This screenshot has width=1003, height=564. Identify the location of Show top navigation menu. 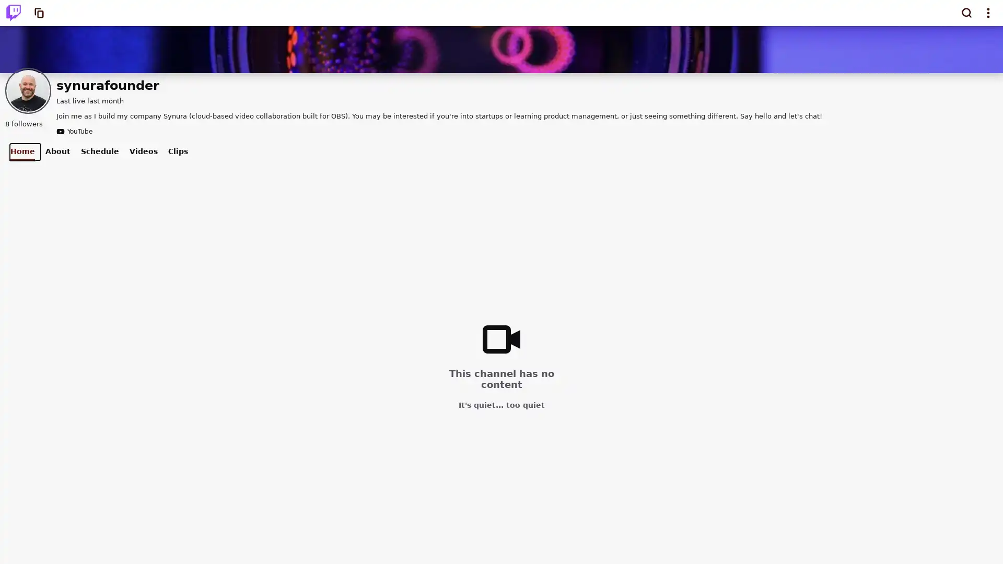
(987, 13).